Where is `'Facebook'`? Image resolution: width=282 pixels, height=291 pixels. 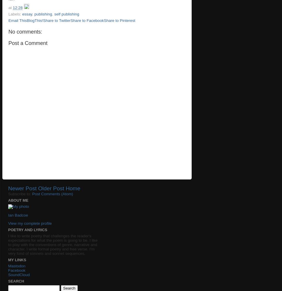 'Facebook' is located at coordinates (16, 270).